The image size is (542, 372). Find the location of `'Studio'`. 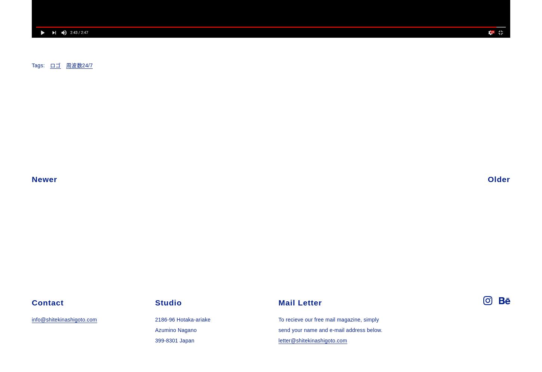

'Studio' is located at coordinates (154, 302).